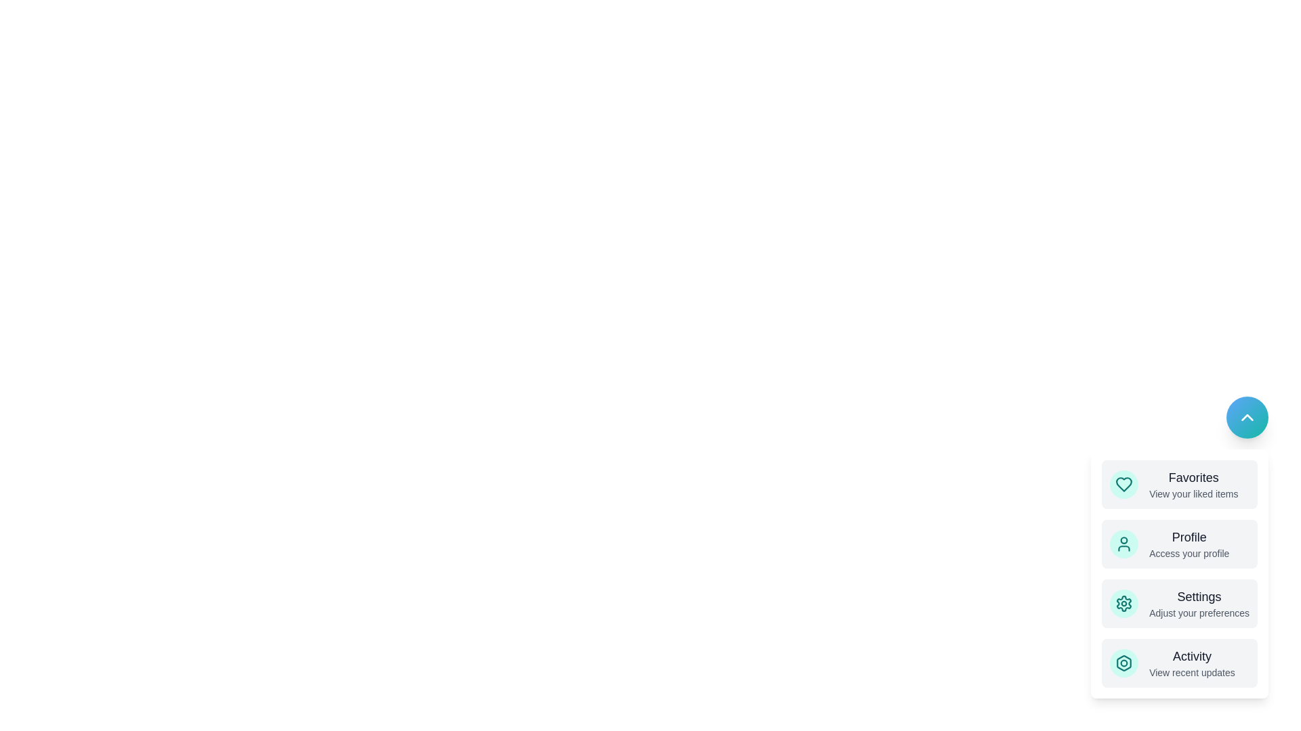 The image size is (1301, 731). What do you see at coordinates (1179, 543) in the screenshot?
I see `the menu option labeled Profile` at bounding box center [1179, 543].